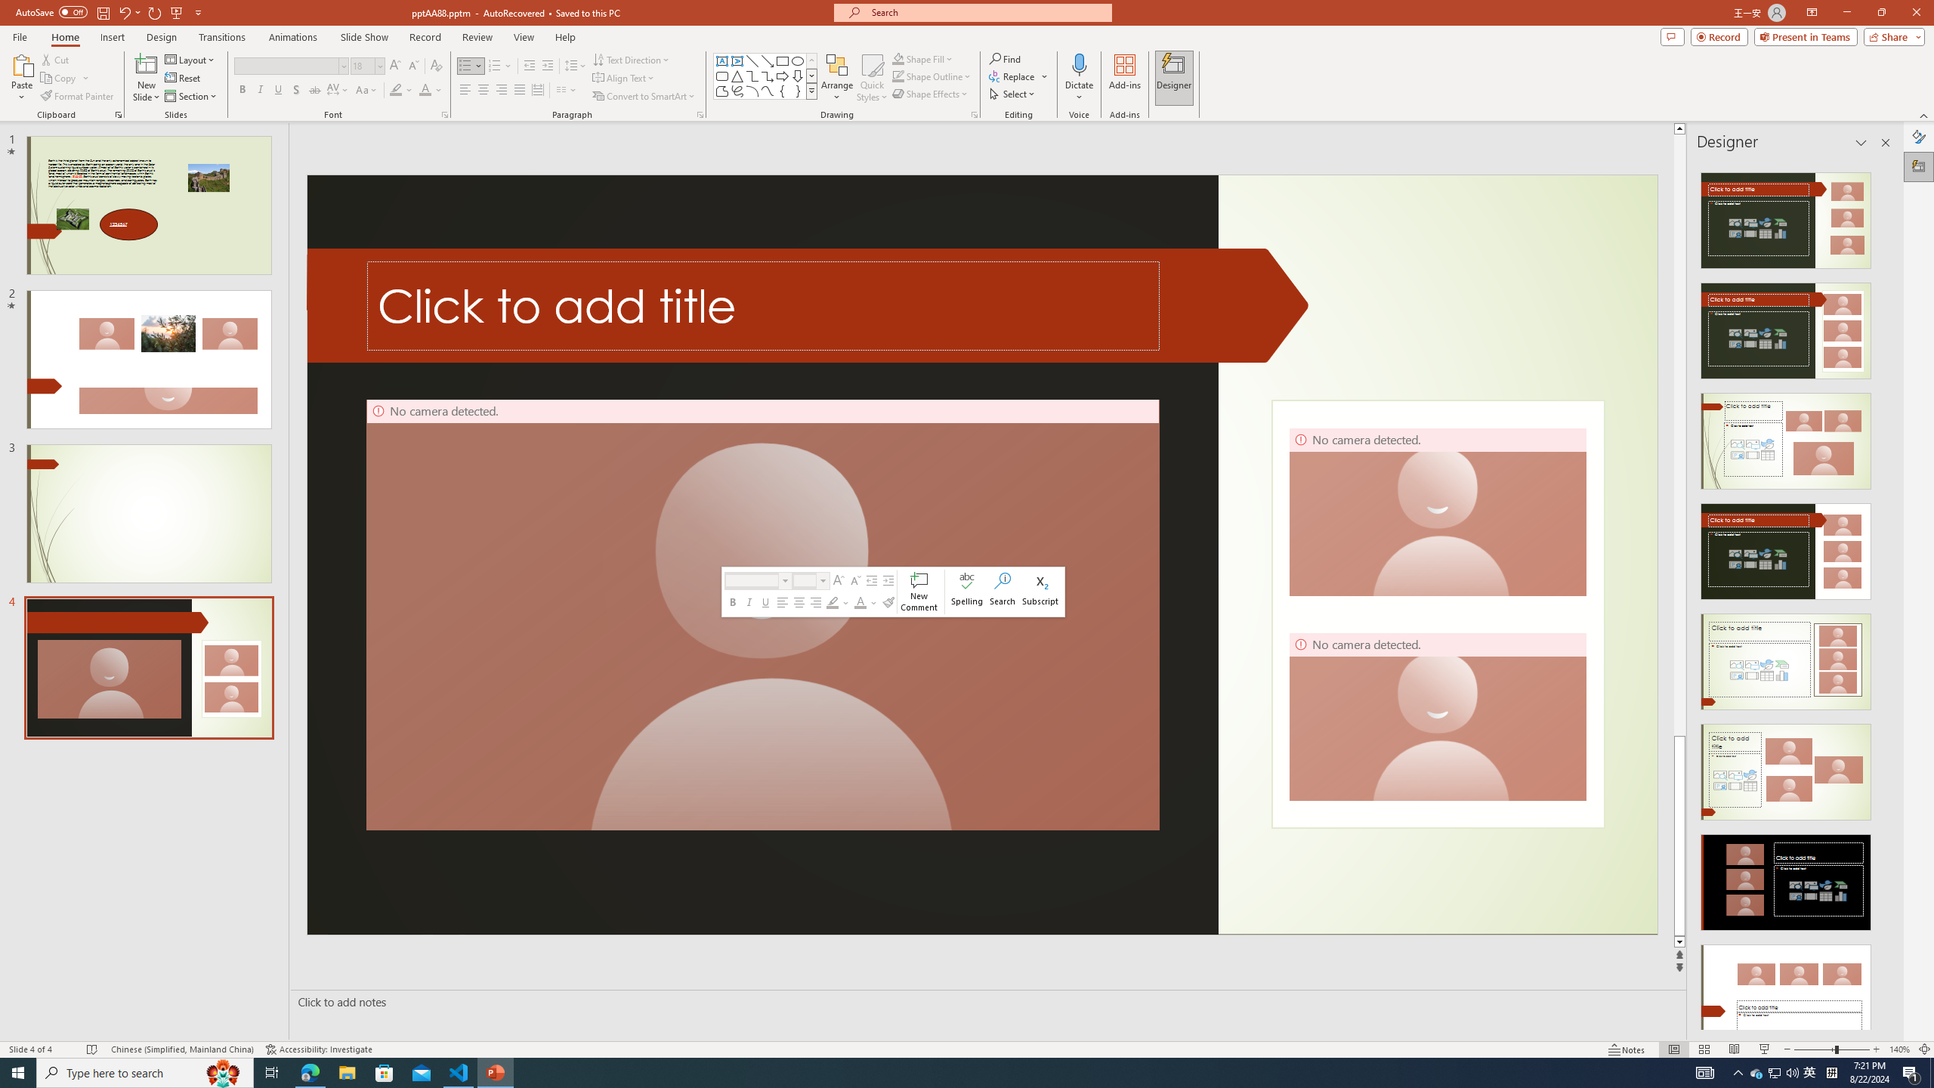 Image resolution: width=1934 pixels, height=1088 pixels. I want to click on 'Undo', so click(128, 11).